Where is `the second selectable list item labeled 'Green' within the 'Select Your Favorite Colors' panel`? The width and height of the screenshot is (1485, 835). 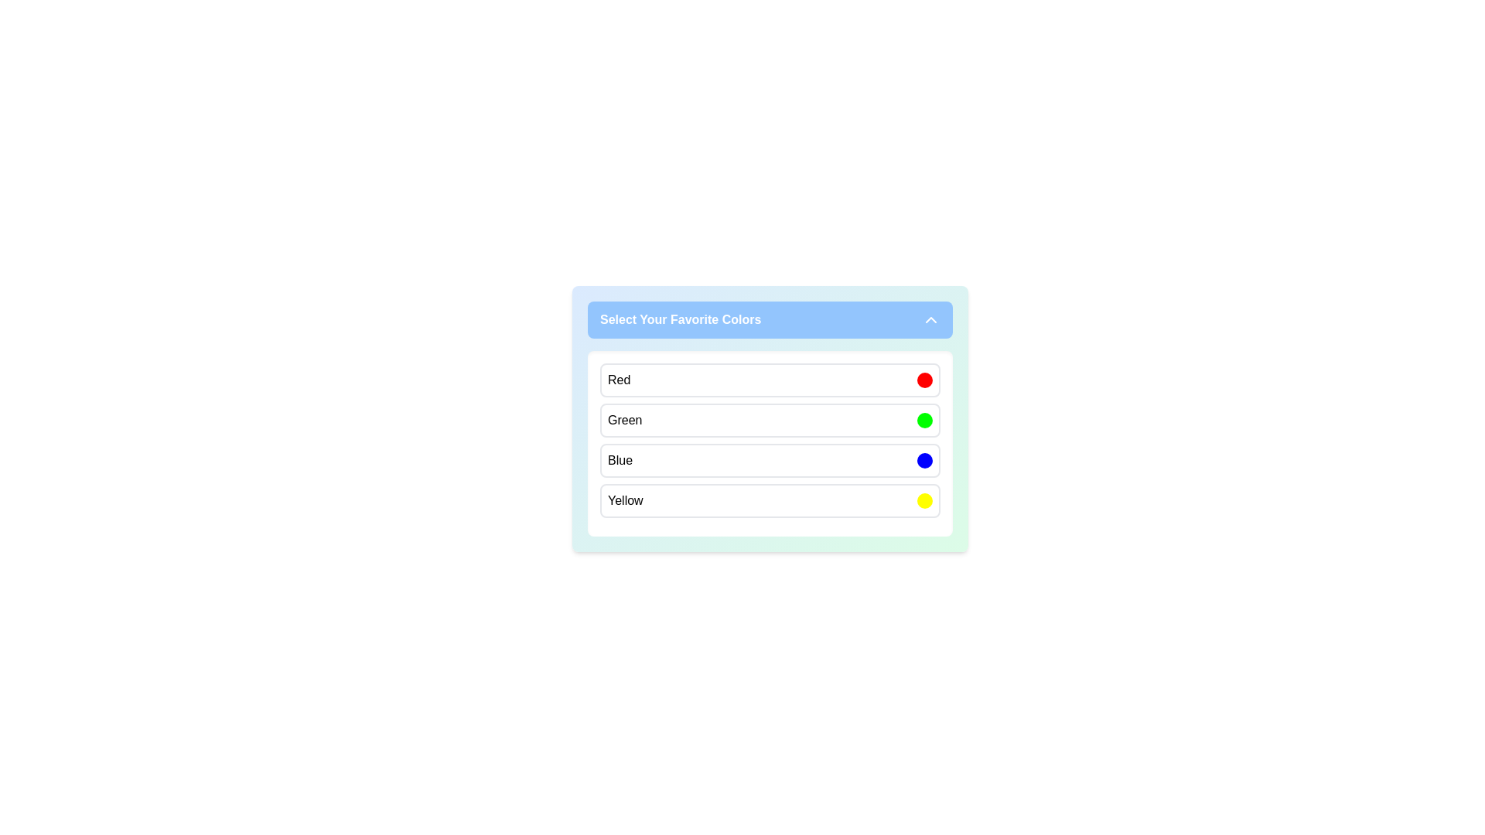
the second selectable list item labeled 'Green' within the 'Select Your Favorite Colors' panel is located at coordinates (770, 419).